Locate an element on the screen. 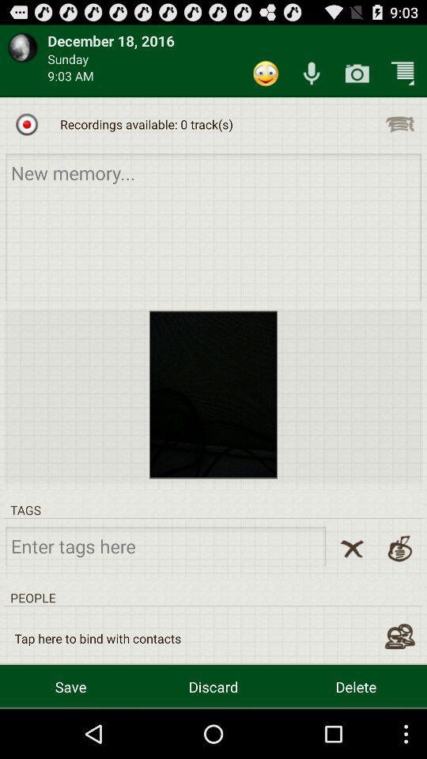  the group icon is located at coordinates (399, 680).